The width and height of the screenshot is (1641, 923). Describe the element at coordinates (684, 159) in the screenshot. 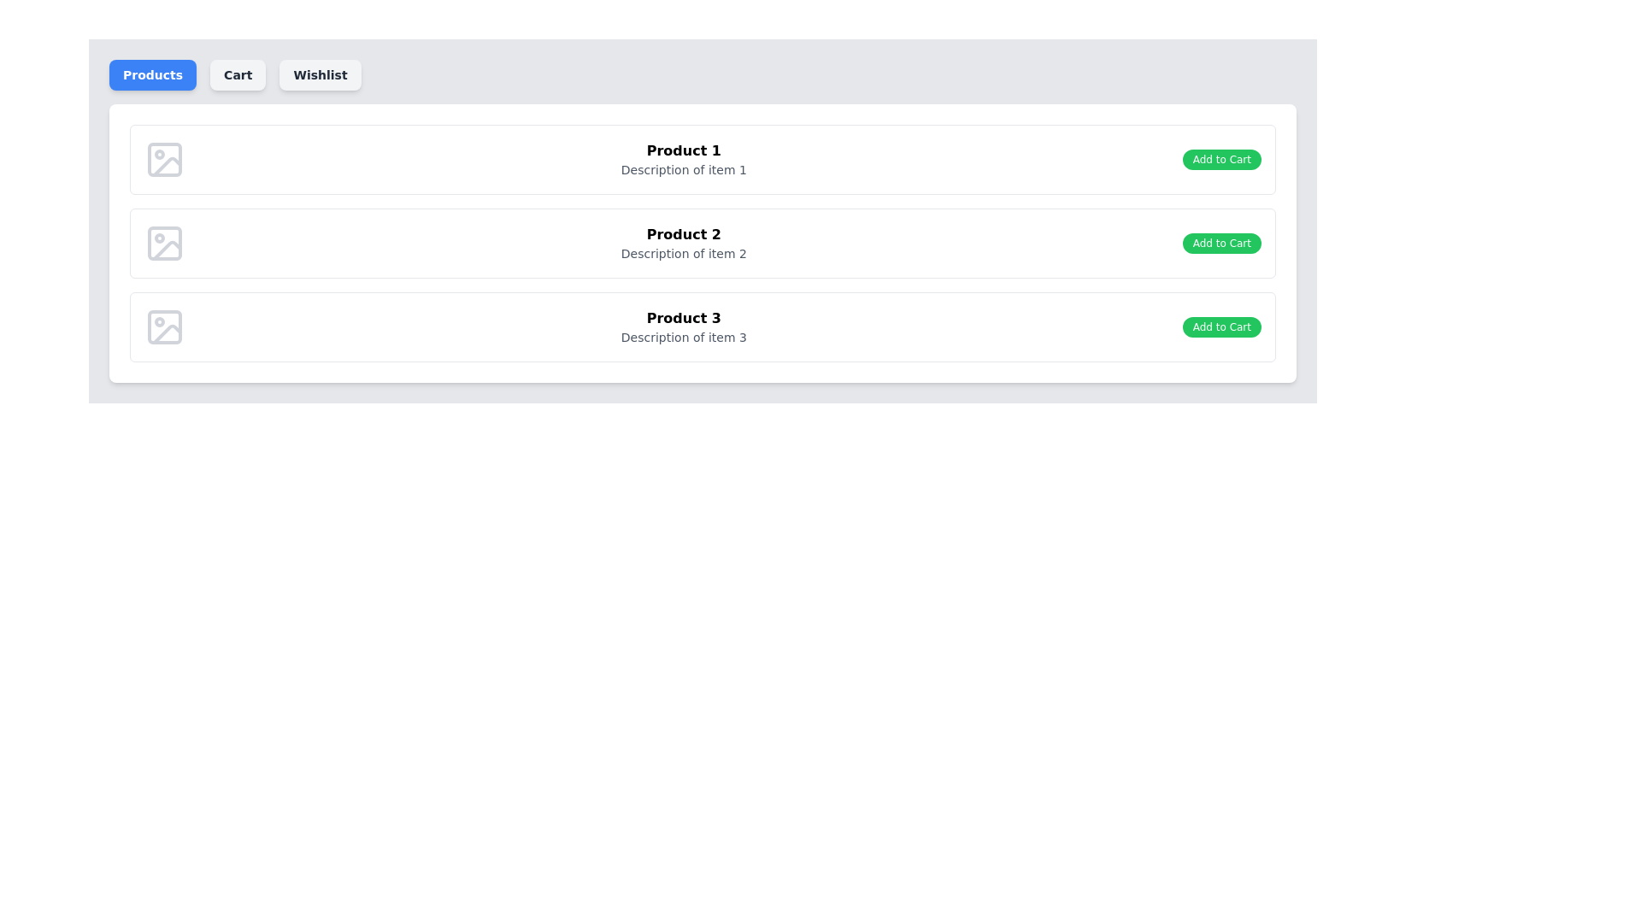

I see `product information displayed in the text display element that shows 'Product 1' in bold and 'Description of item 1' in smaller muted gray text` at that location.